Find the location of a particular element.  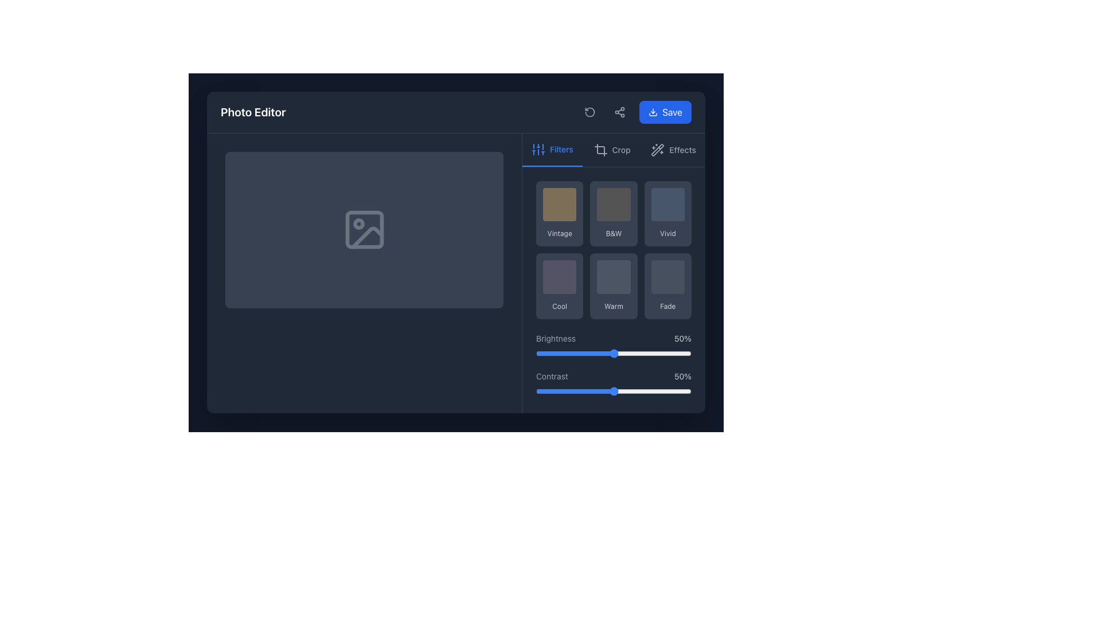

the refresh icon in the top-right toolbar to change its color from gray to white is located at coordinates (590, 112).